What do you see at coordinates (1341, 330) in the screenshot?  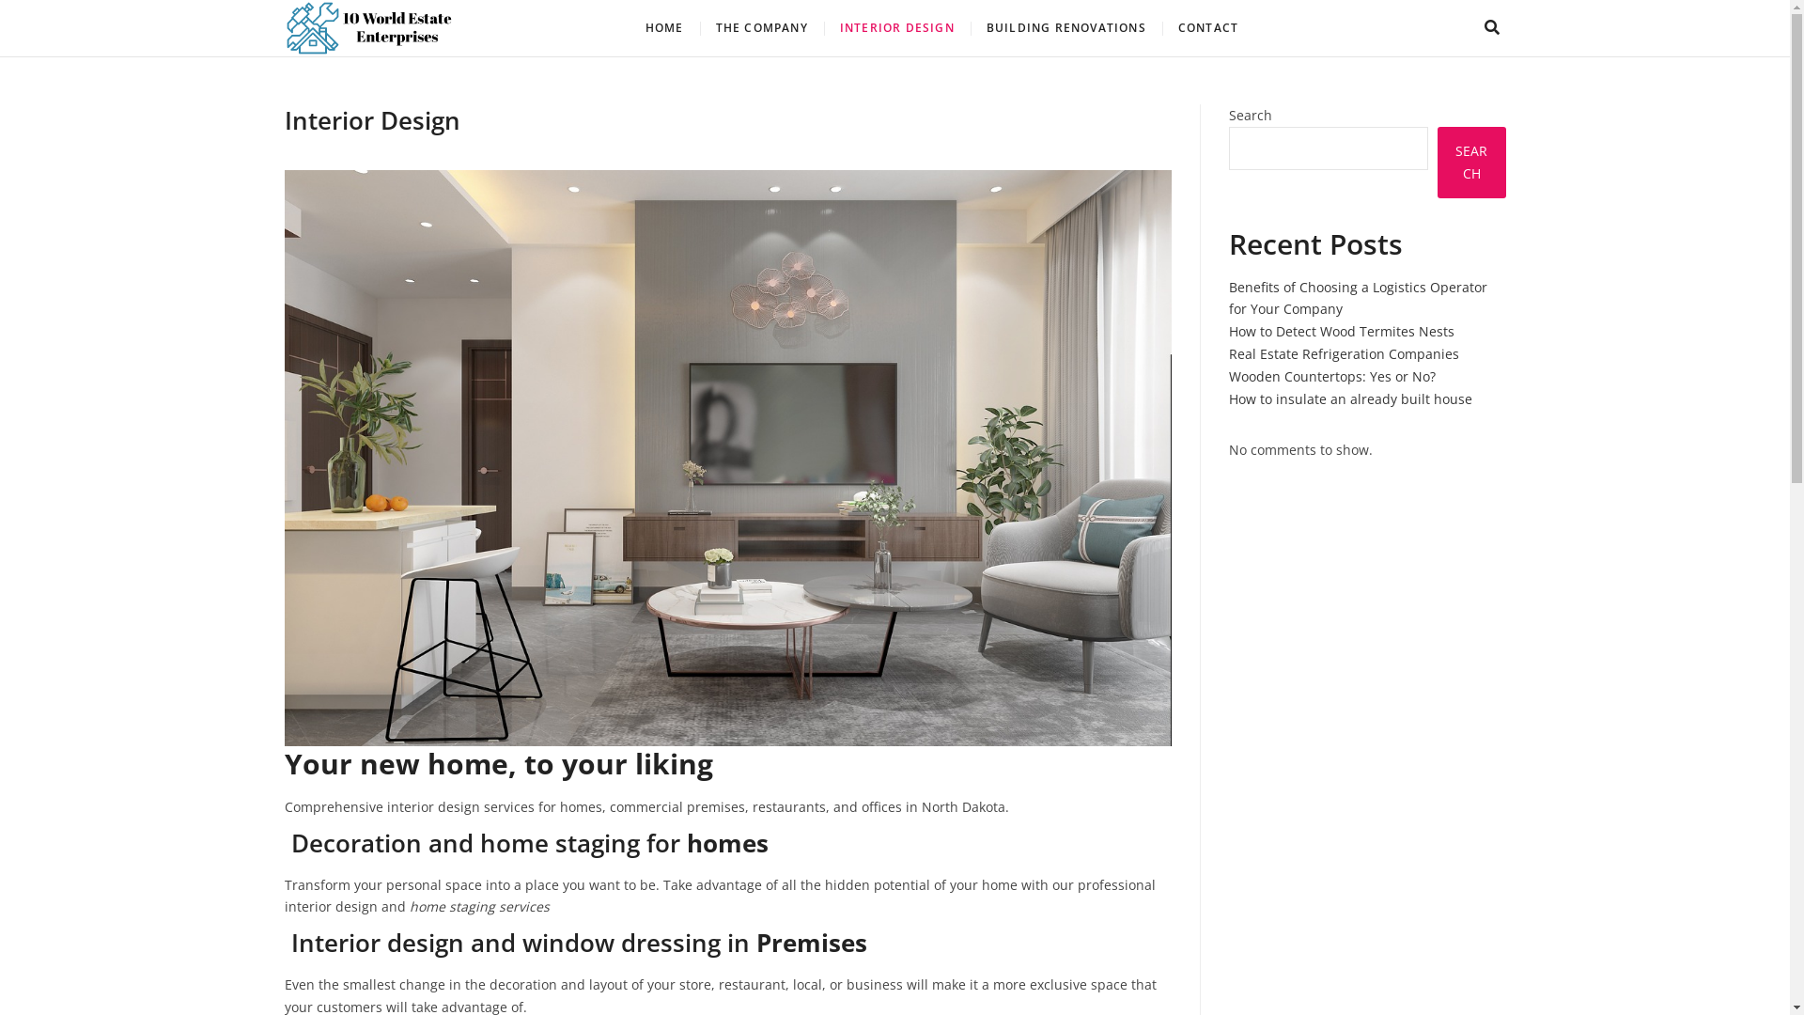 I see `'How to Detect Wood Termites Nests'` at bounding box center [1341, 330].